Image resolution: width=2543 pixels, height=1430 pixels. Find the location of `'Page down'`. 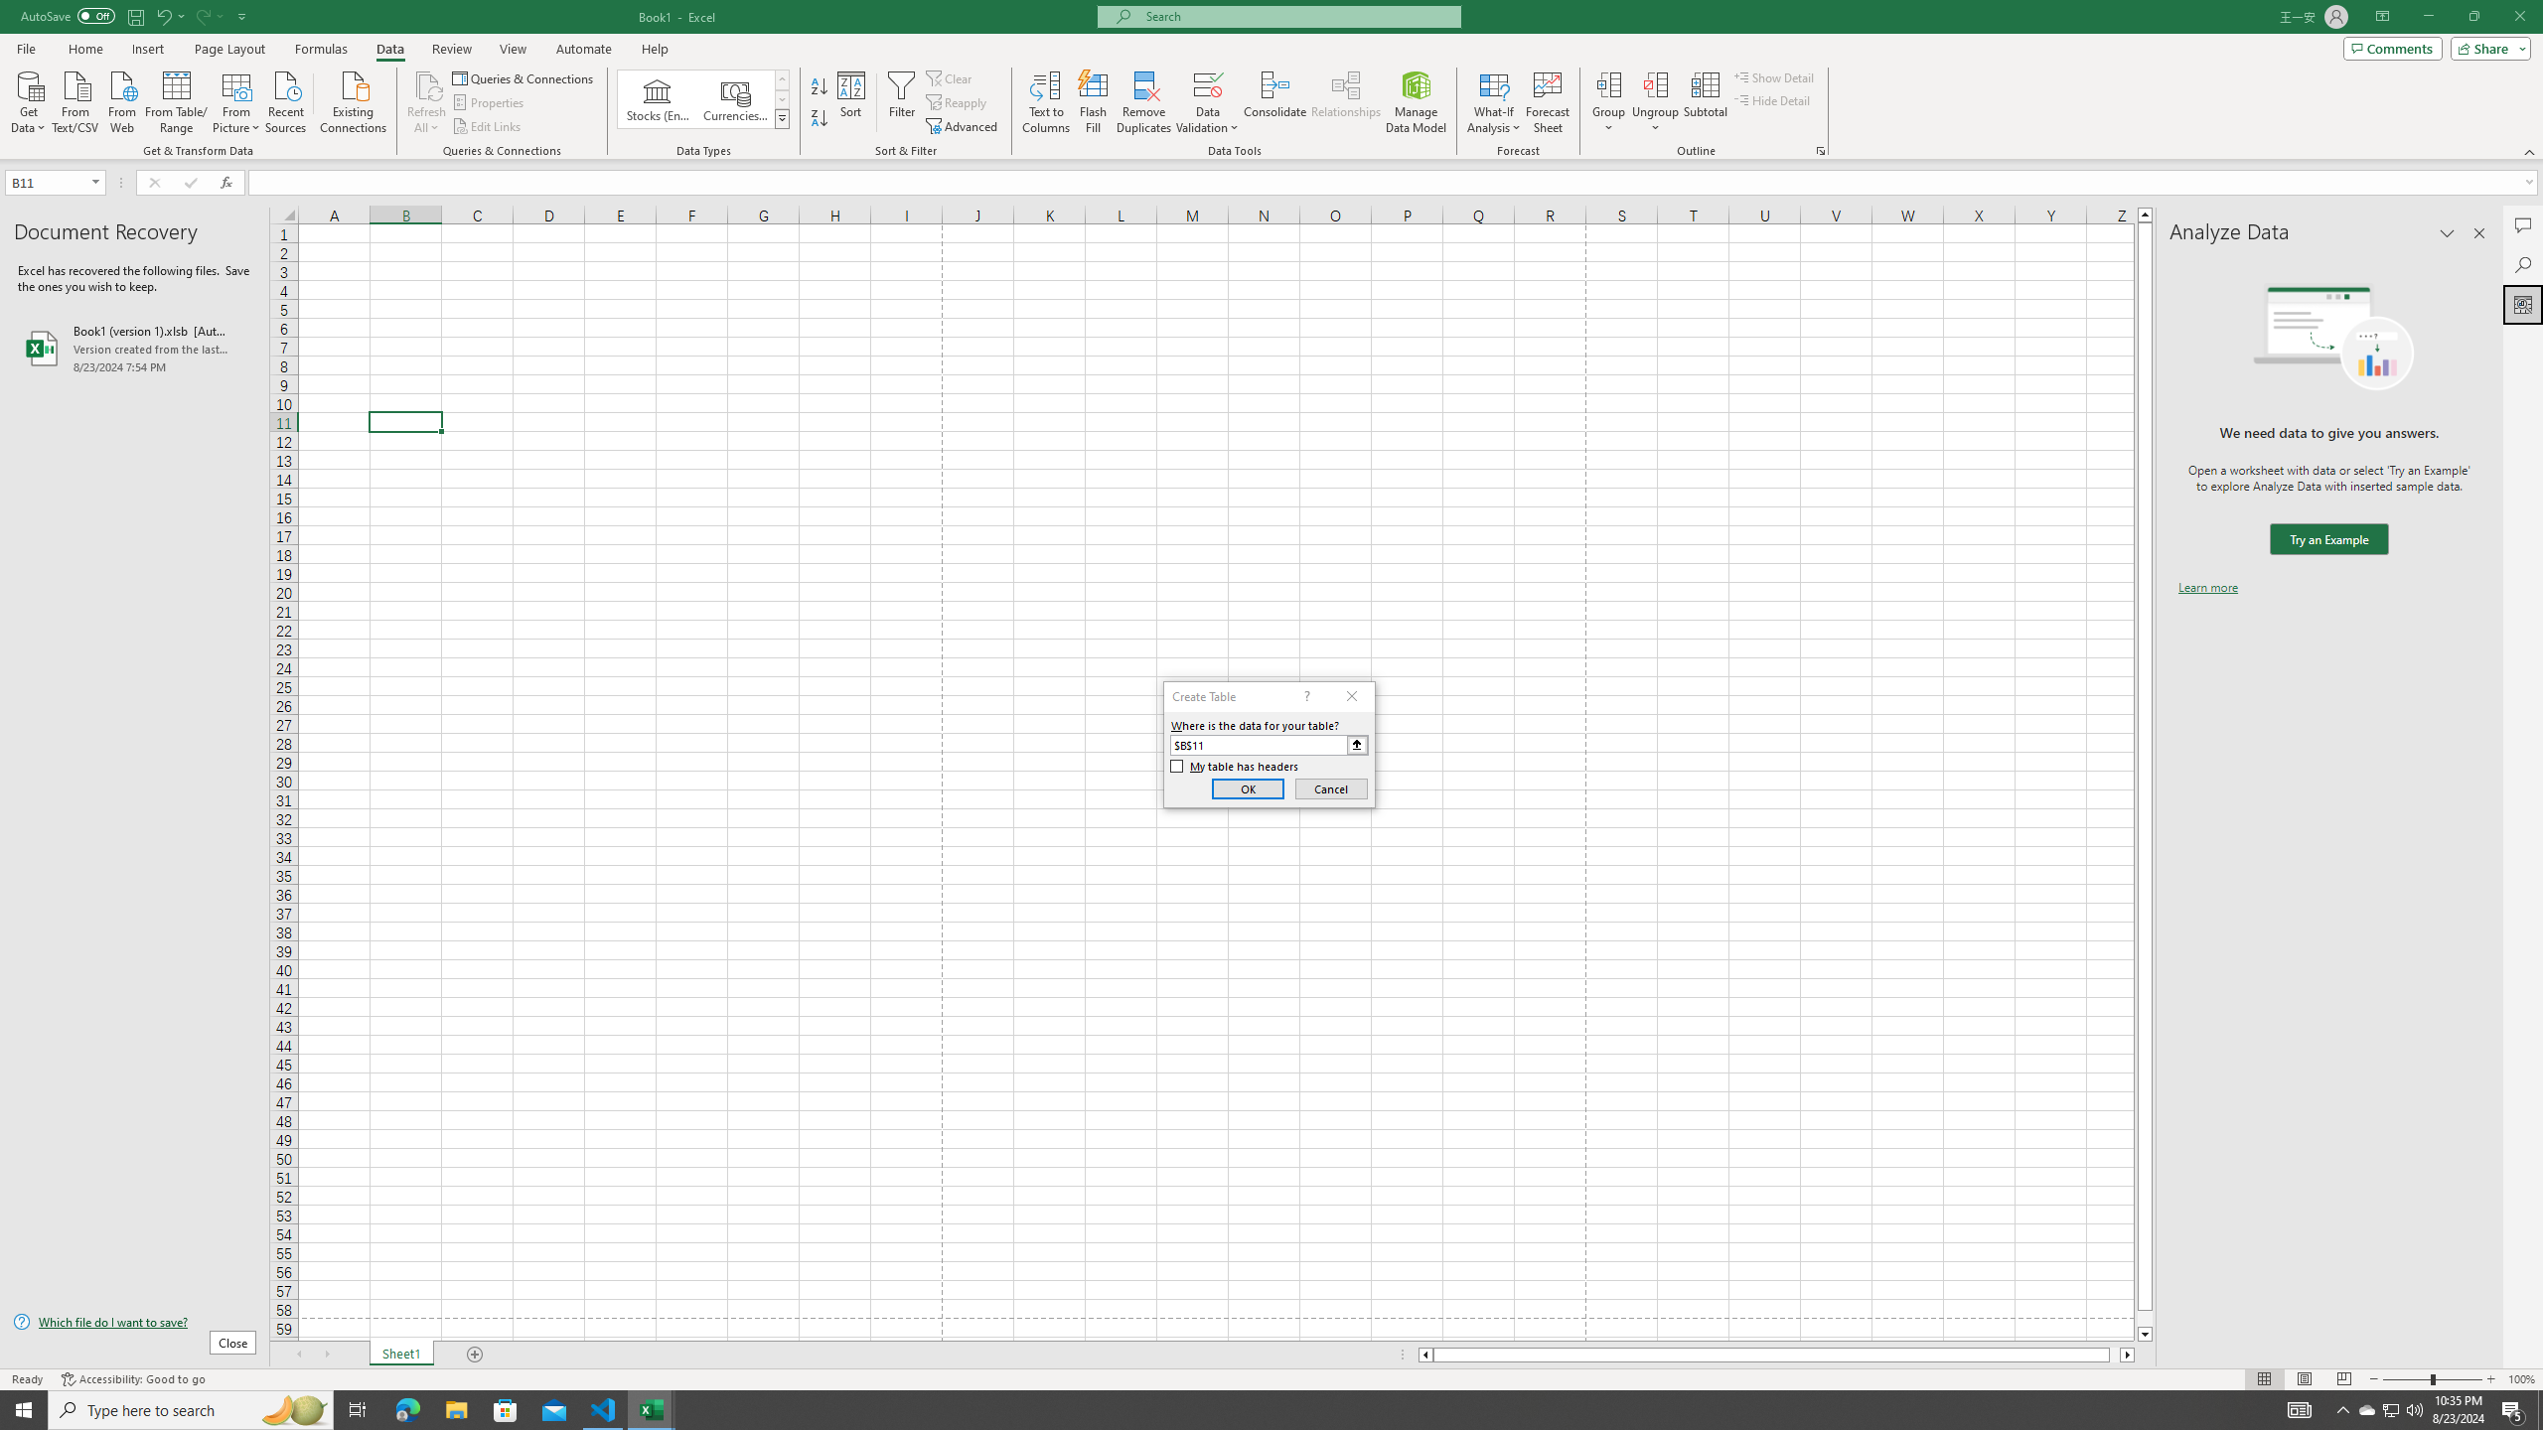

'Page down' is located at coordinates (2145, 1319).